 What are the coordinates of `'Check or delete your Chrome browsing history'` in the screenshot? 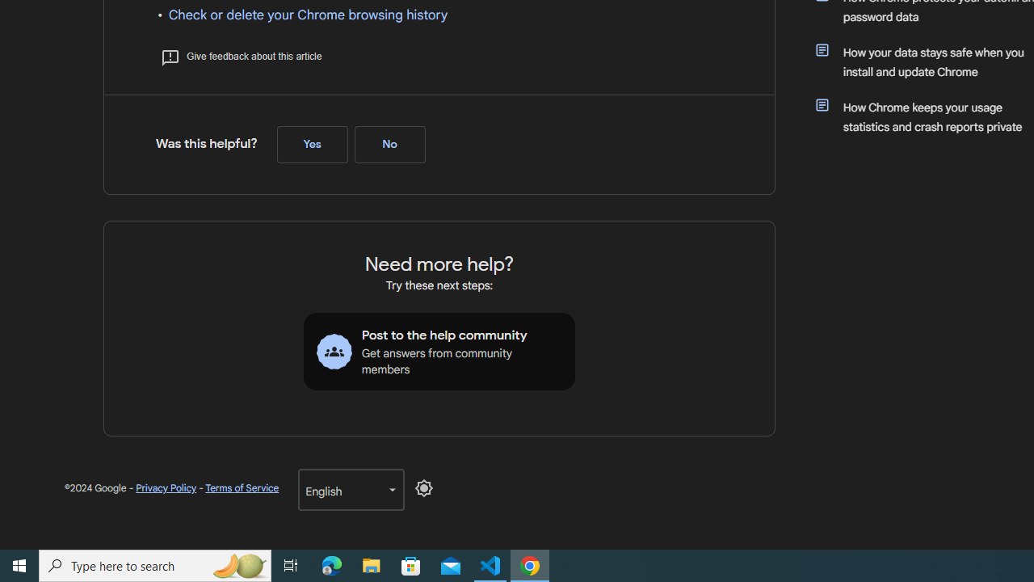 It's located at (309, 15).